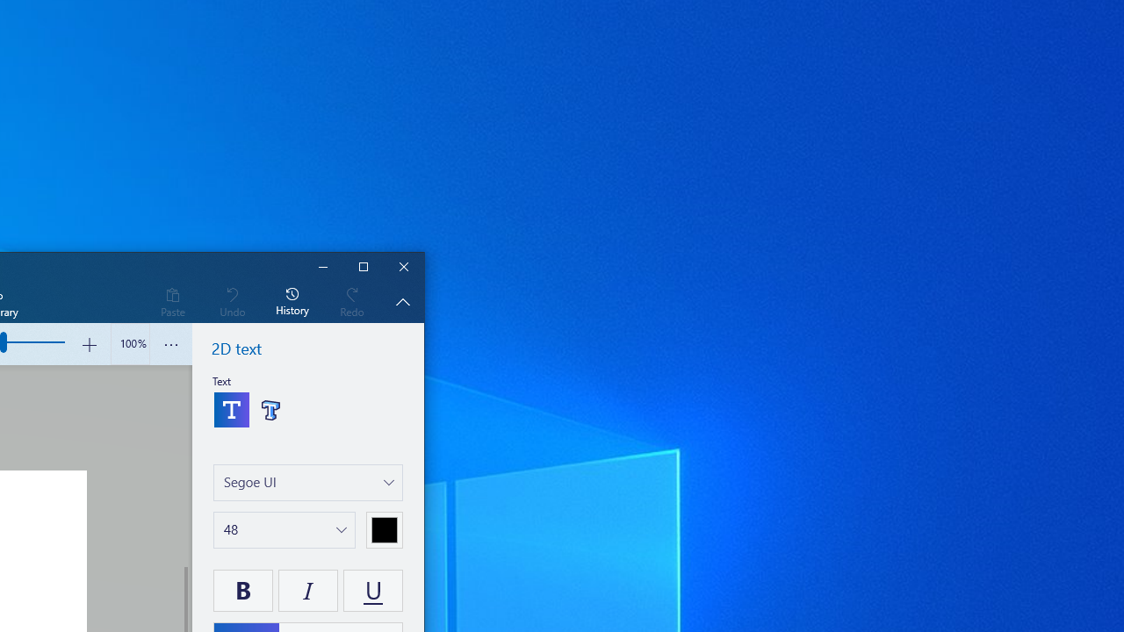 The image size is (1124, 632). Describe the element at coordinates (230, 528) in the screenshot. I see `'48'` at that location.